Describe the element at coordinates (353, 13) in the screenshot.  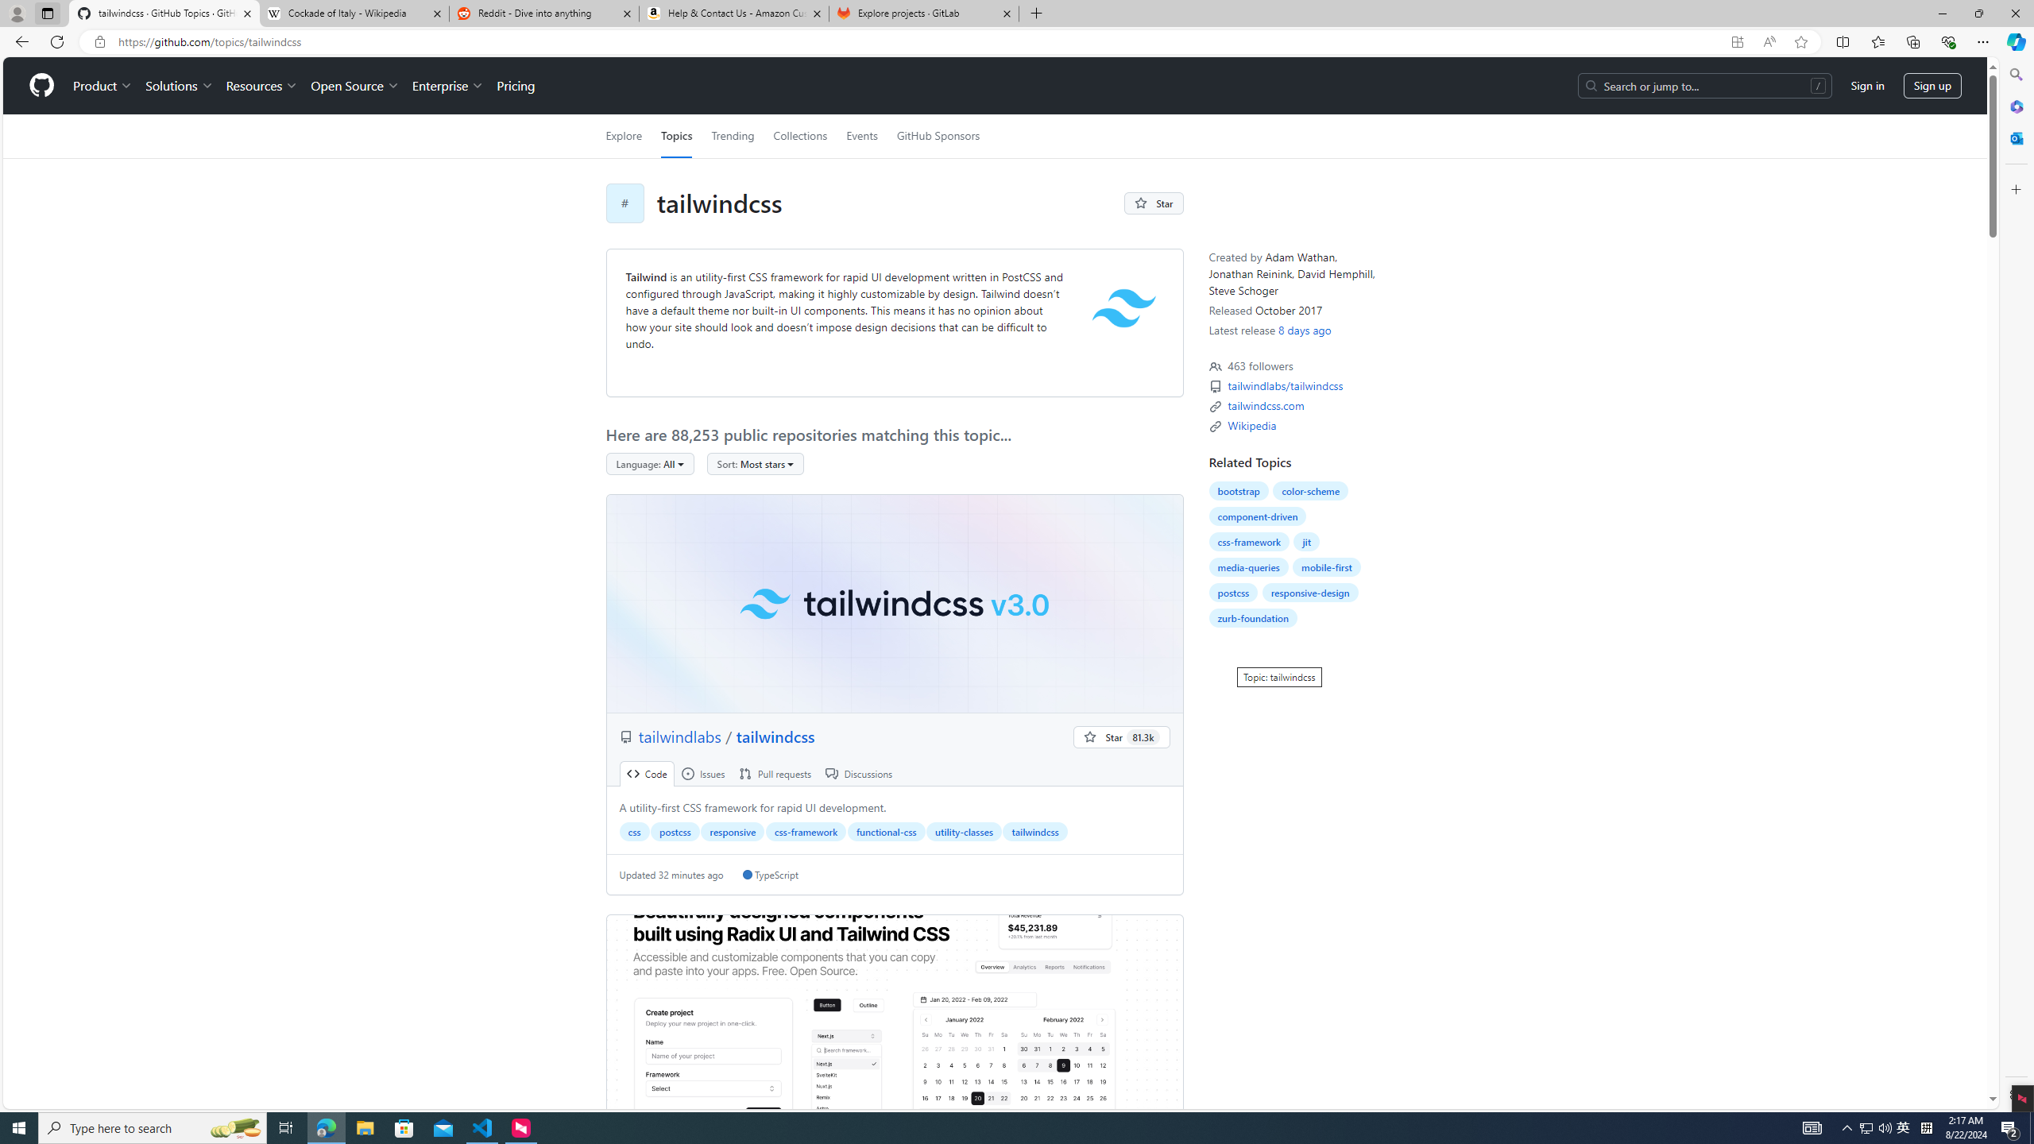
I see `'Cockade of Italy - Wikipedia'` at that location.